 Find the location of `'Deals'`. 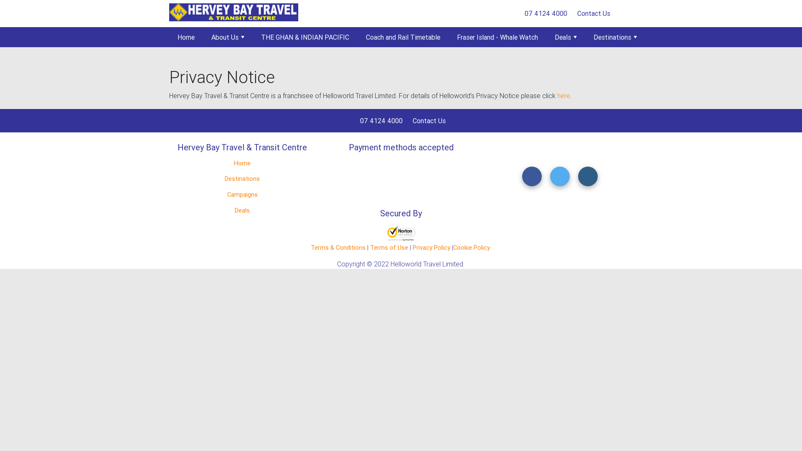

'Deals' is located at coordinates (566, 36).